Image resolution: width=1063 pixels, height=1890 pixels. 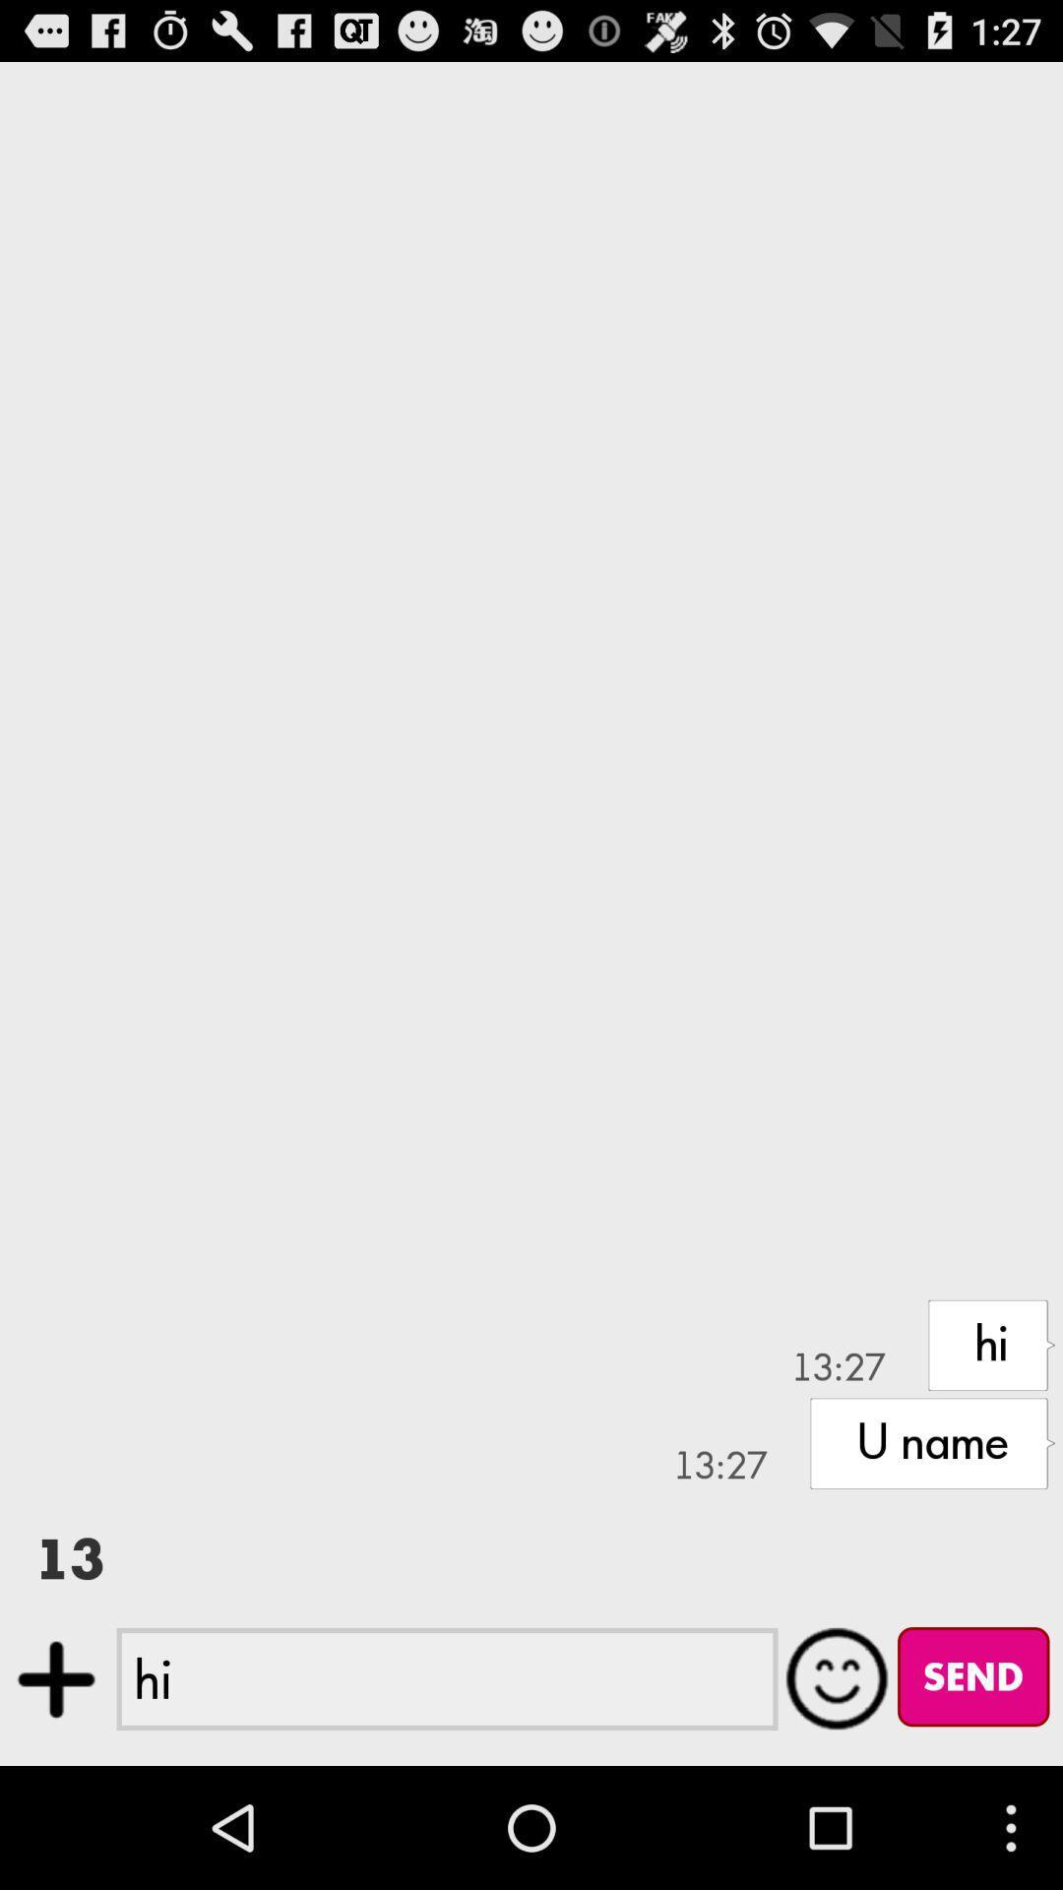 What do you see at coordinates (55, 1797) in the screenshot?
I see `the add icon` at bounding box center [55, 1797].